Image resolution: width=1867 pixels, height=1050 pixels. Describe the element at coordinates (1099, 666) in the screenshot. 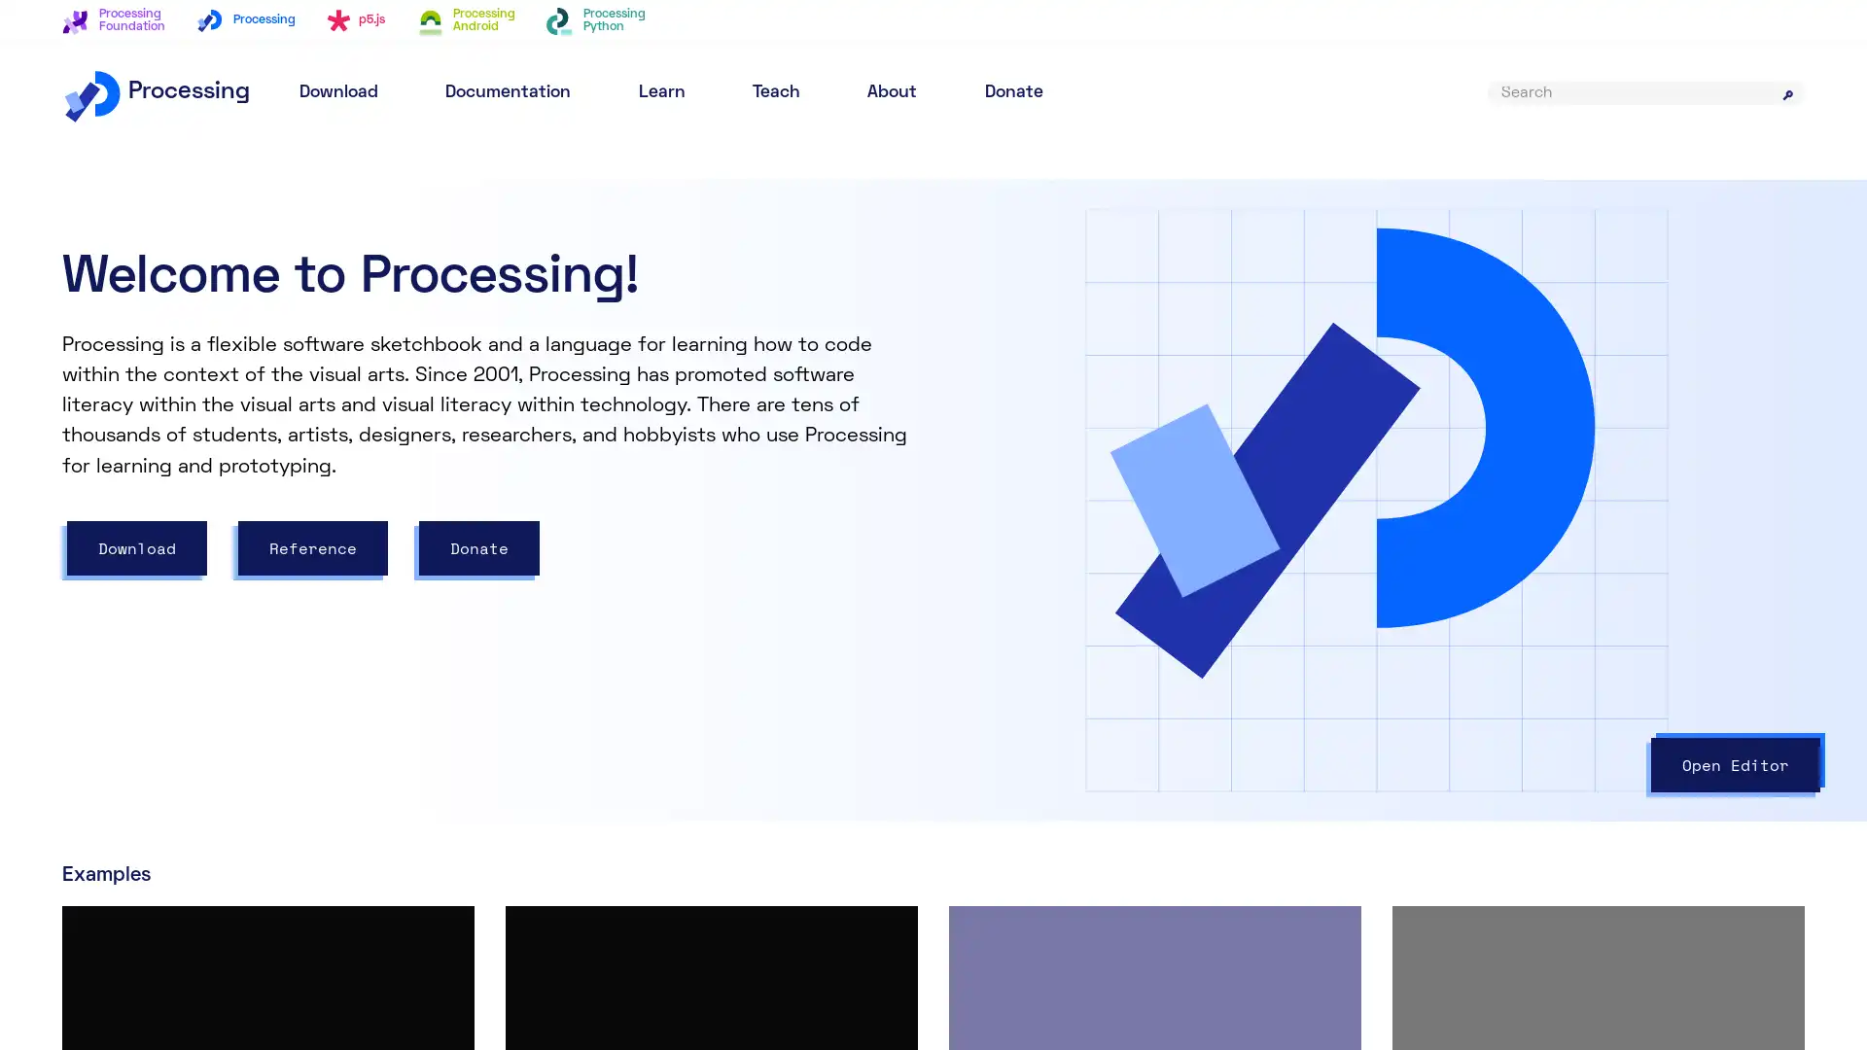

I see `change position` at that location.